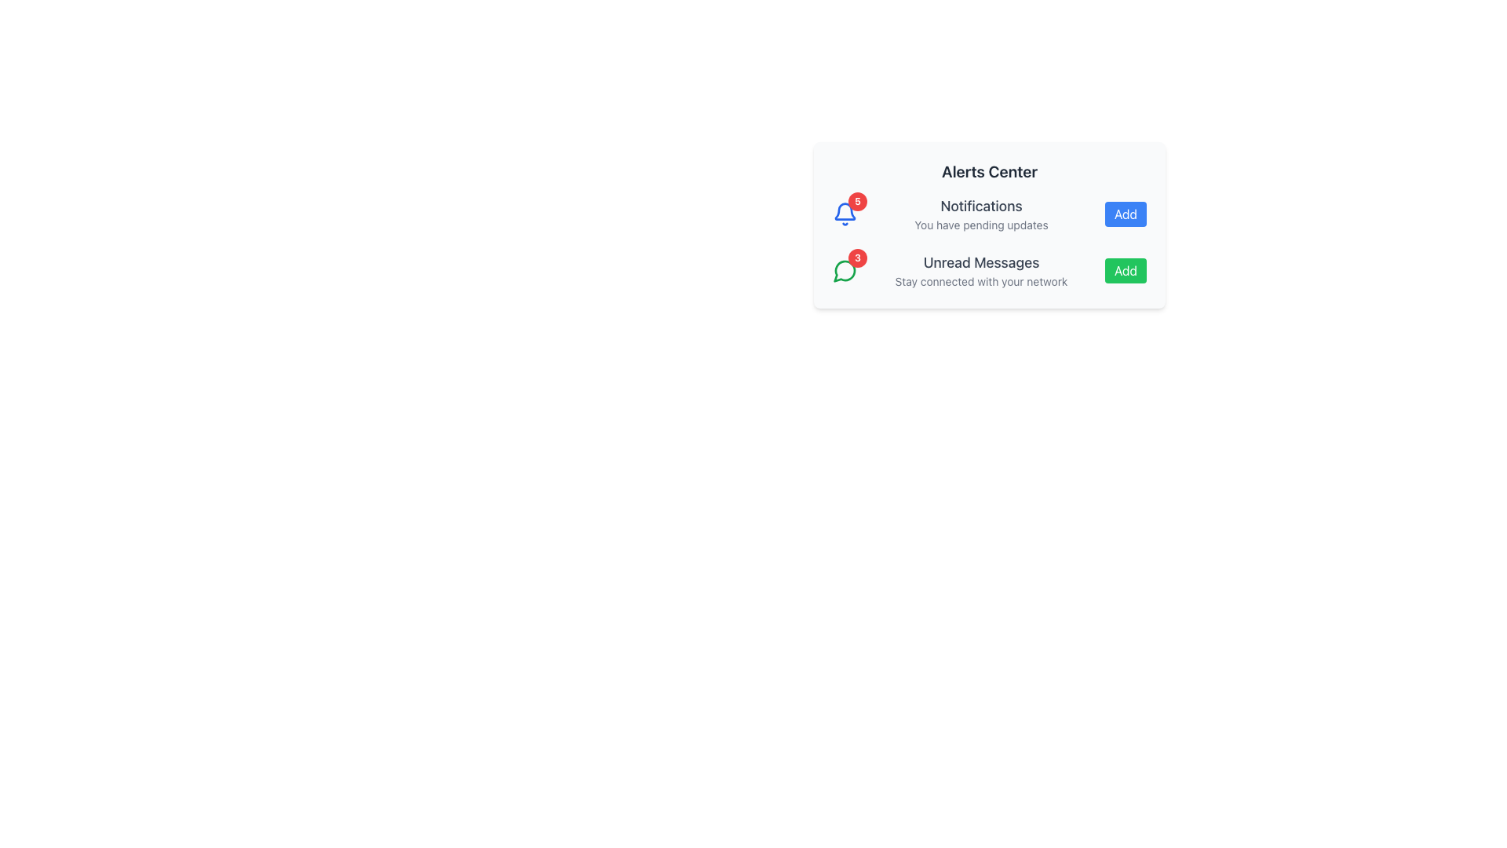 This screenshot has height=848, width=1507. I want to click on informational text block that notifies the user about unread messages and encourages them to stay connected with their network, located in the 'Unread Messages' section, so click(980, 269).